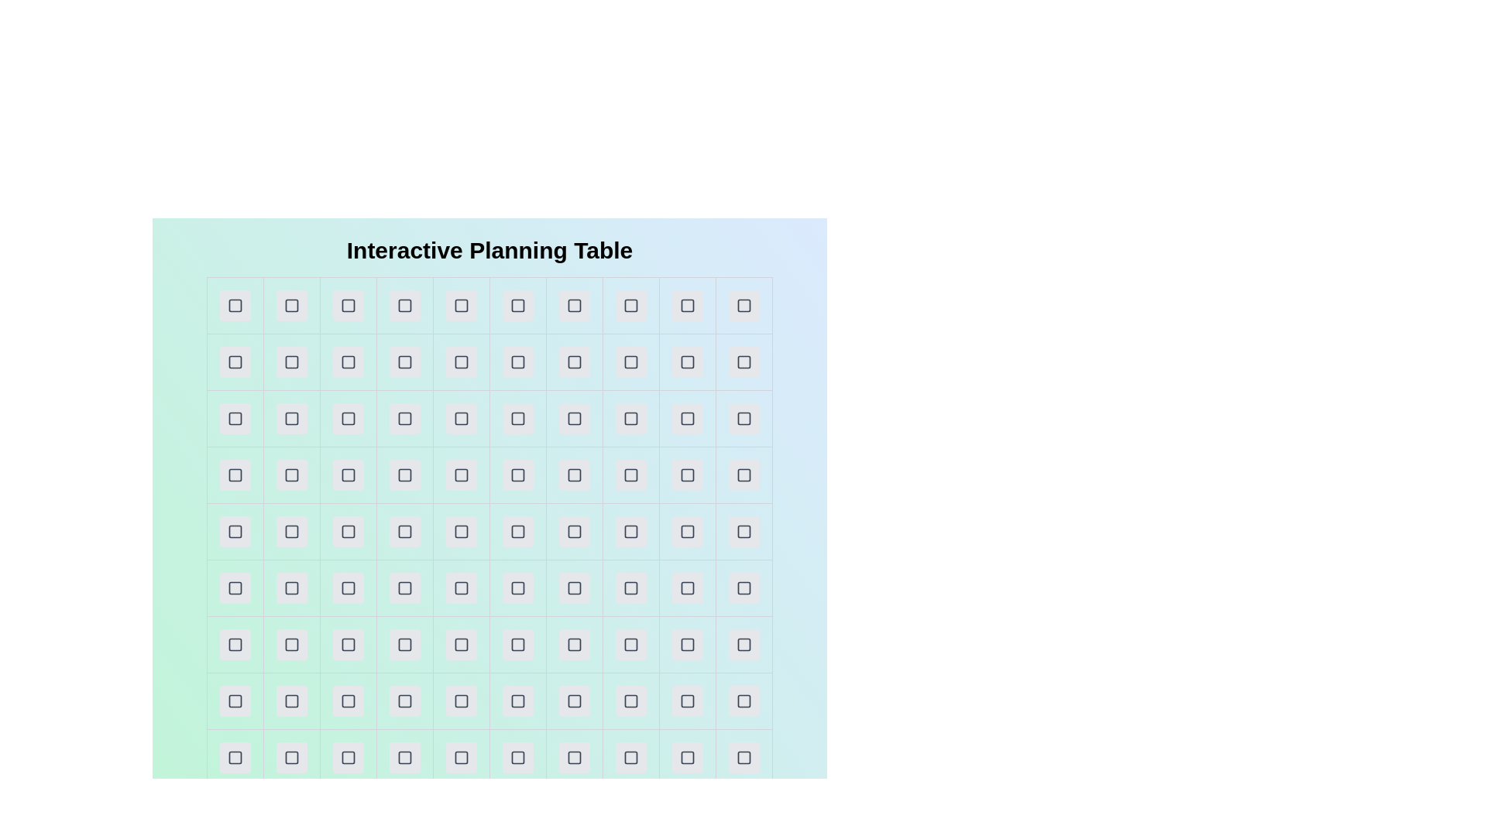  What do you see at coordinates (489, 250) in the screenshot?
I see `the title of the table to read its content` at bounding box center [489, 250].